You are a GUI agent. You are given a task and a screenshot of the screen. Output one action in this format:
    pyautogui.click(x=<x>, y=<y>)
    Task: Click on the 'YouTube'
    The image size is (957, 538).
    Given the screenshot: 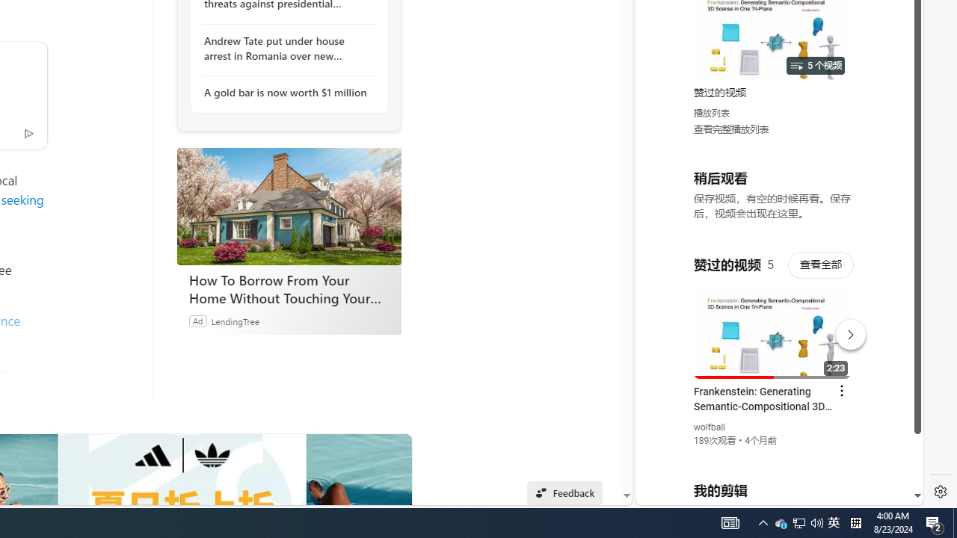 What is the action you would take?
    pyautogui.click(x=773, y=322)
    